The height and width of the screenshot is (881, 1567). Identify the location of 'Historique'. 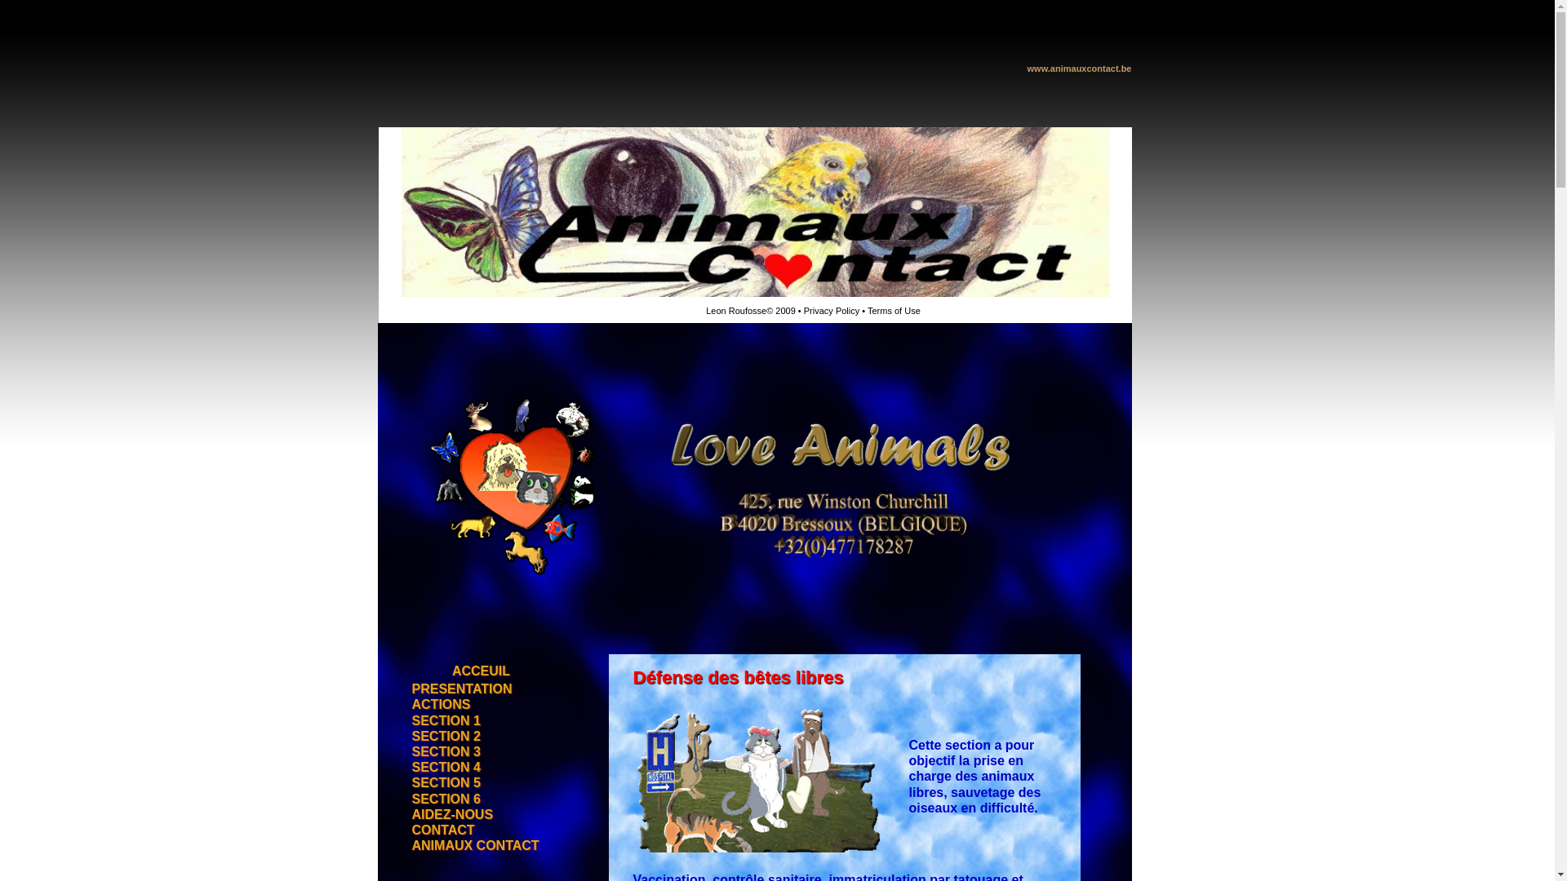
(476, 384).